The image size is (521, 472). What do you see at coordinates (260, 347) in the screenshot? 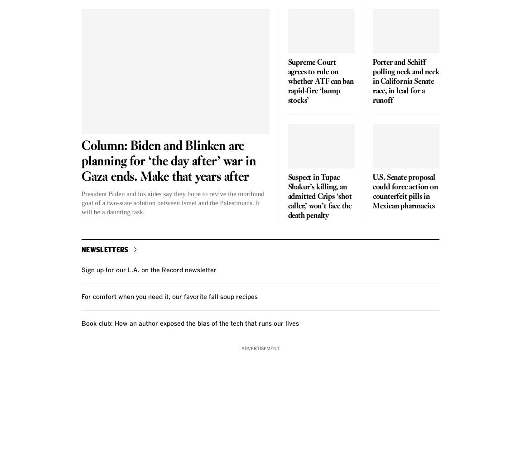
I see `'Advertisement'` at bounding box center [260, 347].